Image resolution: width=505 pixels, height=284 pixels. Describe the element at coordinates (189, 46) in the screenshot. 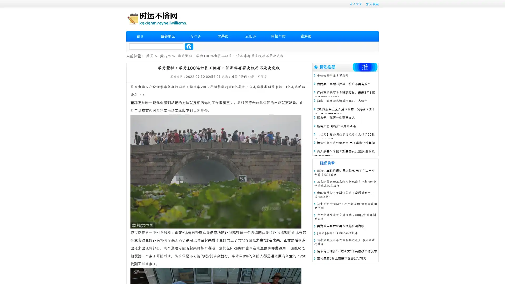

I see `Search` at that location.